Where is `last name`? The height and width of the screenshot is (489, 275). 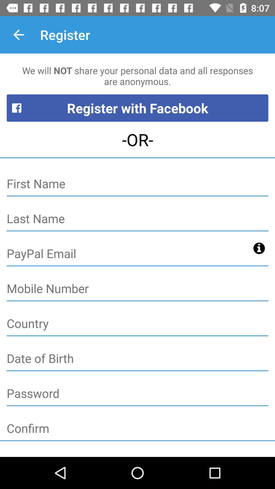 last name is located at coordinates (137, 219).